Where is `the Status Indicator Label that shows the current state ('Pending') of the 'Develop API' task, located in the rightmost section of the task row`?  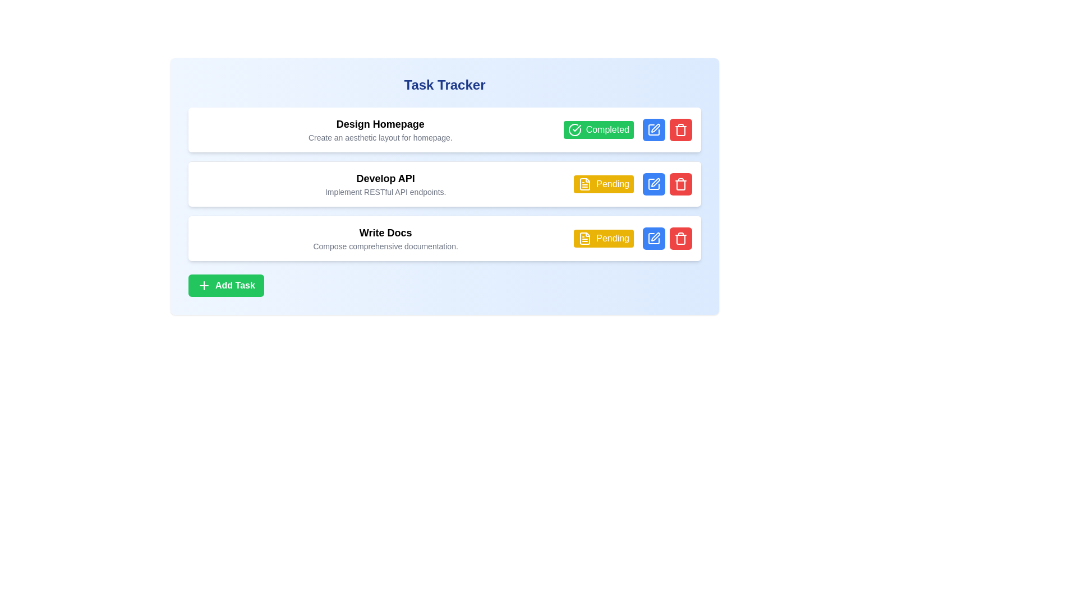 the Status Indicator Label that shows the current state ('Pending') of the 'Develop API' task, located in the rightmost section of the task row is located at coordinates (603, 183).